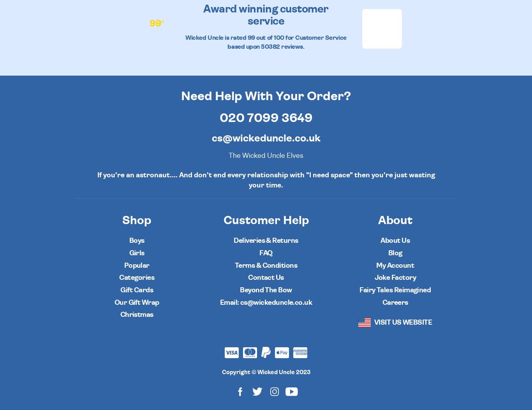  Describe the element at coordinates (211, 138) in the screenshot. I see `'cs@wickeduncle.co.uk'` at that location.